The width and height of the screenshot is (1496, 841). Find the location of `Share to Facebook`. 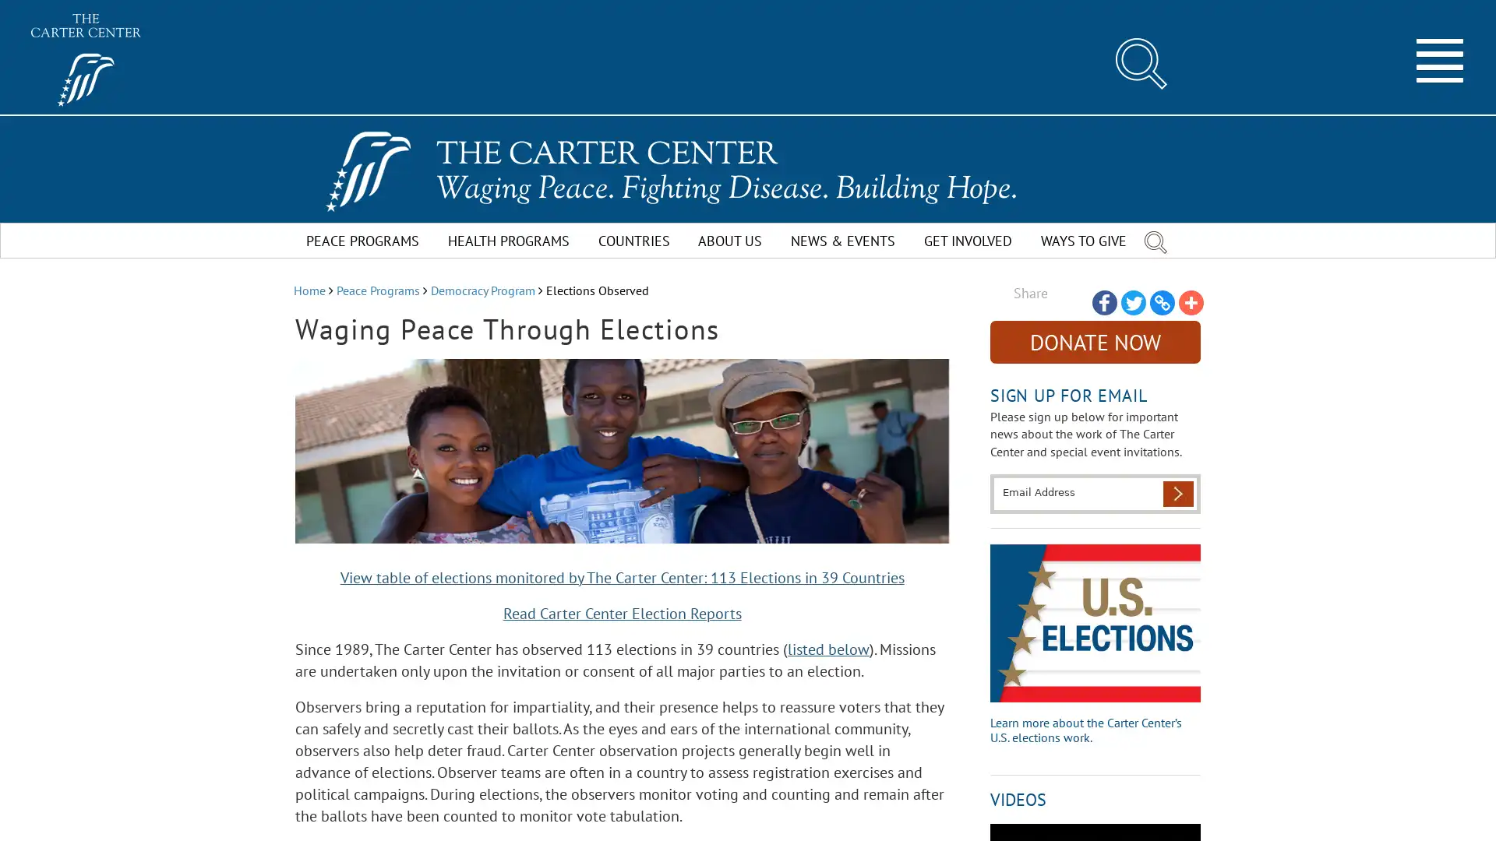

Share to Facebook is located at coordinates (1103, 185).